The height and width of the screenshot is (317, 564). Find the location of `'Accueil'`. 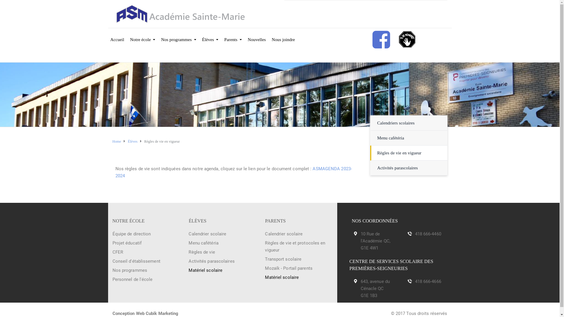

'Accueil' is located at coordinates (117, 36).